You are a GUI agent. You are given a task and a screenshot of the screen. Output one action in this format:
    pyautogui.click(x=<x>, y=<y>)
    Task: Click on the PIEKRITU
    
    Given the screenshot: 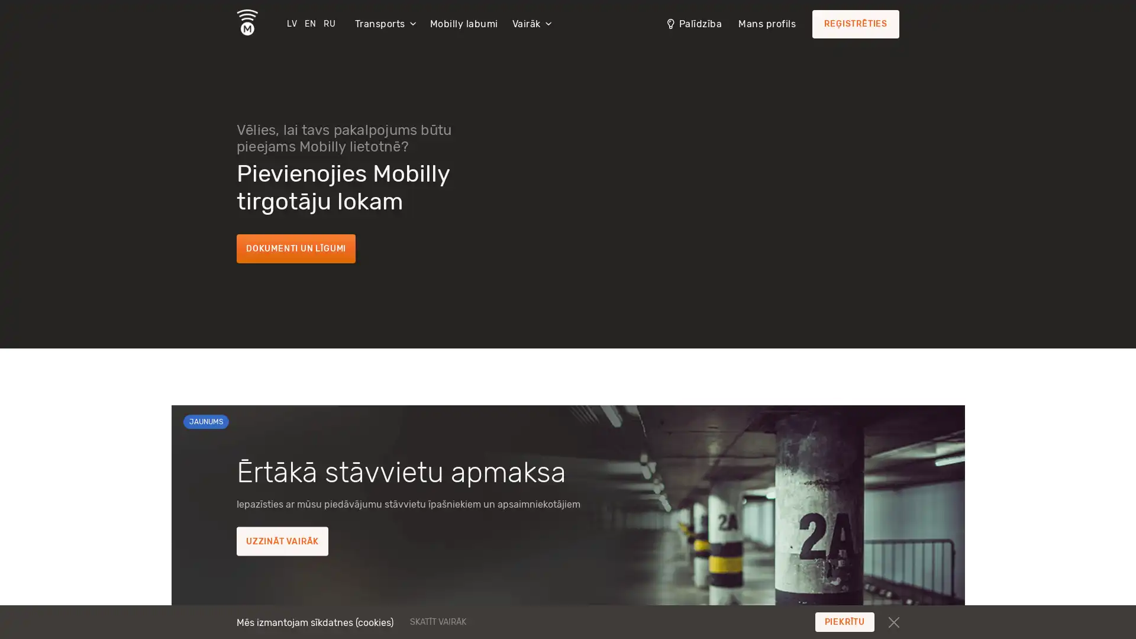 What is the action you would take?
    pyautogui.click(x=844, y=621)
    